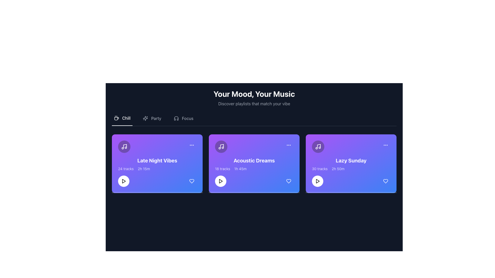 The image size is (495, 278). What do you see at coordinates (124, 147) in the screenshot?
I see `the music icon located in the top-left corner of the 'Late Night Vibes' card, which serves as a thematic insignia for the playlist` at bounding box center [124, 147].